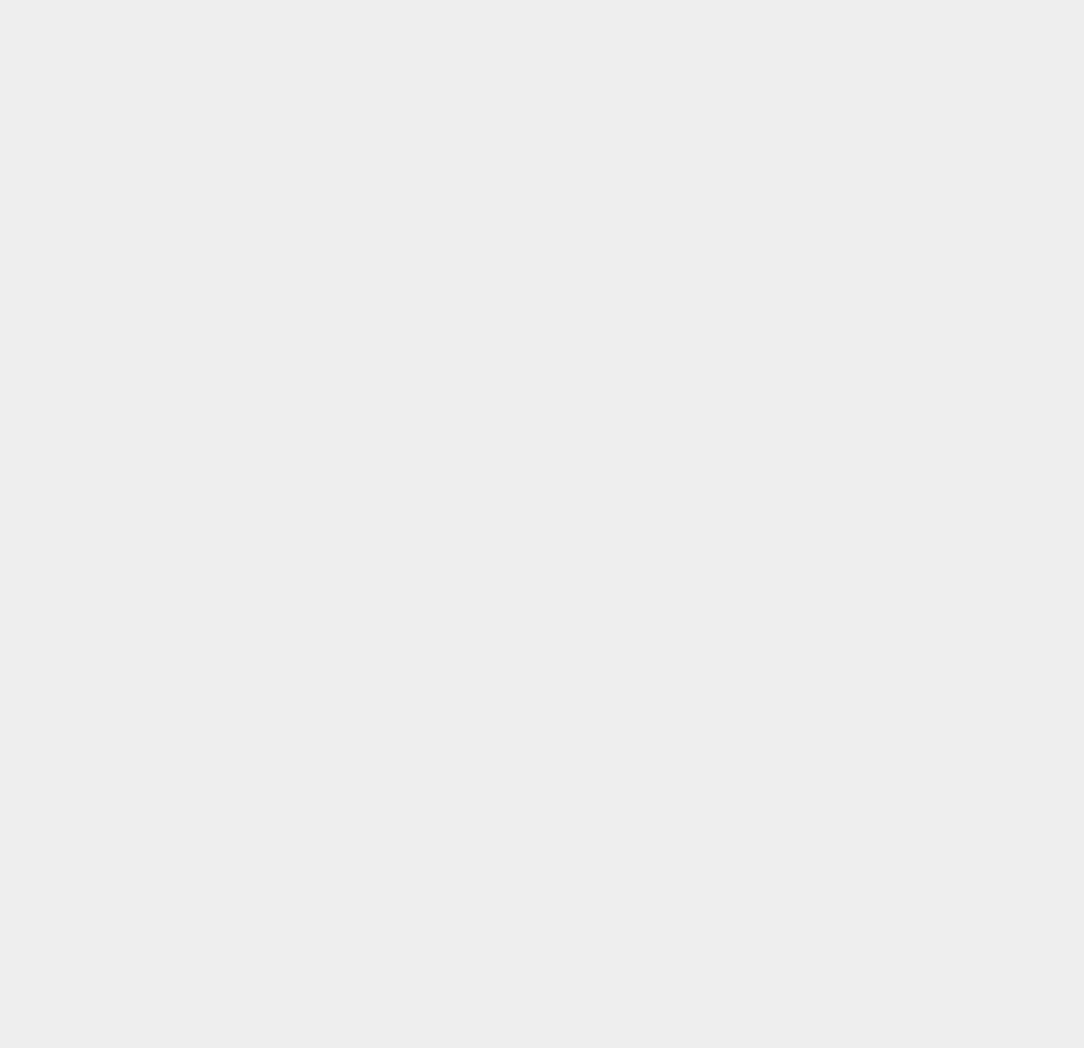 The image size is (1084, 1048). I want to click on 'Google Plus', so click(767, 26).